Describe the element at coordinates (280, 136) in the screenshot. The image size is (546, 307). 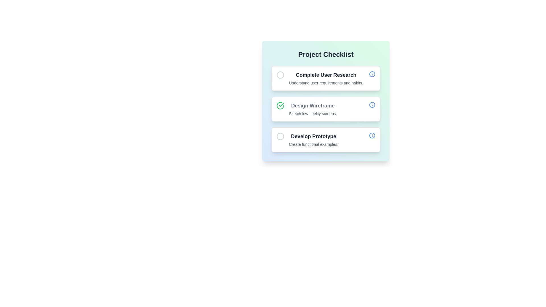
I see `the visual changes of the circle indicator located to the left of the 'Develop Prototype' item in the vertical list` at that location.